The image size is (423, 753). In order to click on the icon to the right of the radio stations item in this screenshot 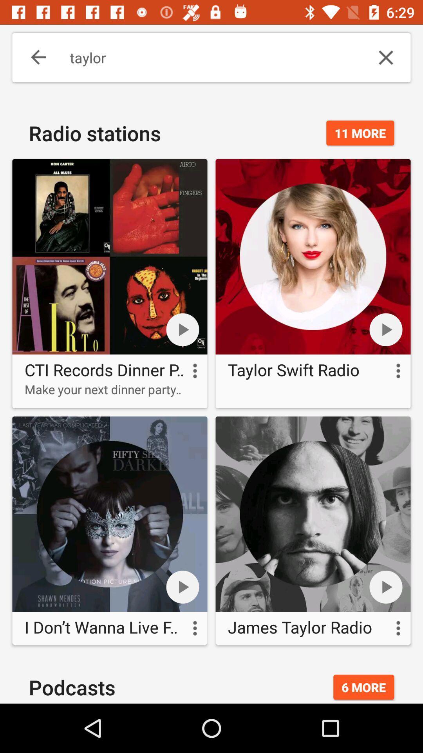, I will do `click(360, 133)`.